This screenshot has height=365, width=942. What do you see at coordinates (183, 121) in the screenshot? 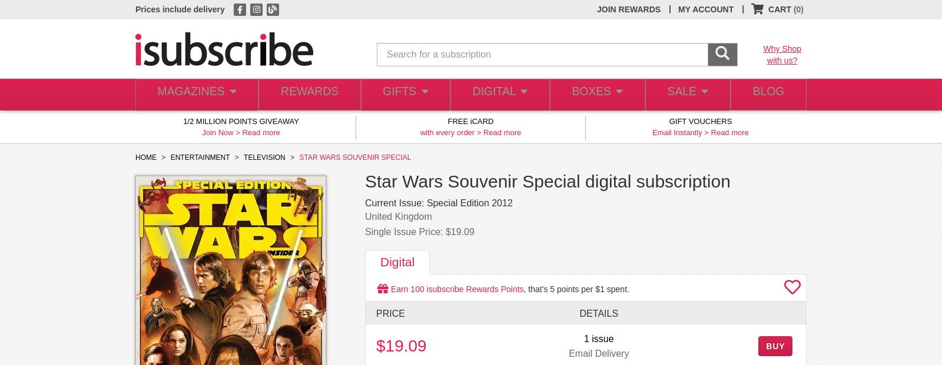
I see `'1/2 MILLION POINTS GIVEAWAY'` at bounding box center [183, 121].